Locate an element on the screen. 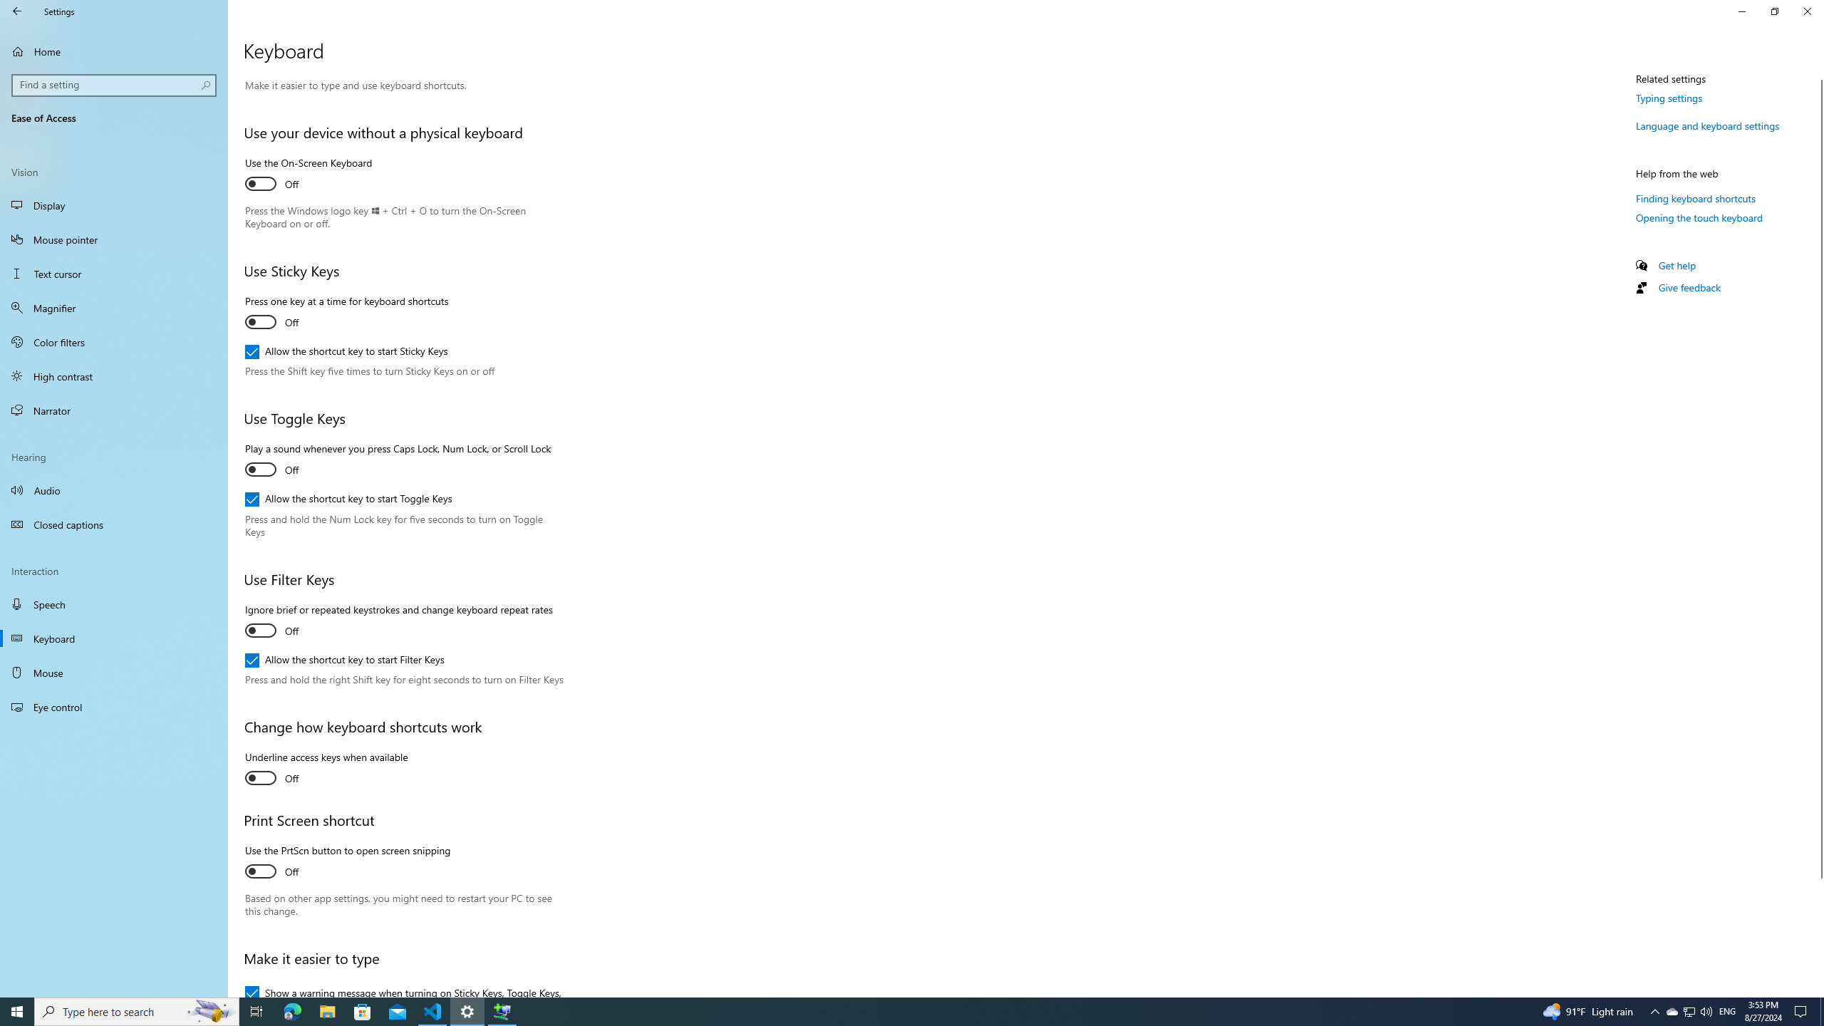 The image size is (1824, 1026). 'Restore Settings' is located at coordinates (1774, 11).